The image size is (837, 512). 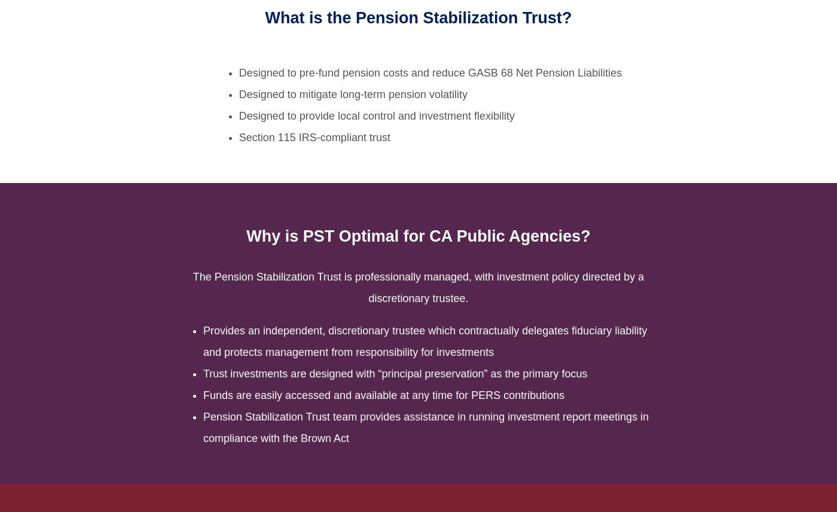 I want to click on 'Designed to mitigate long-term pension volatility', so click(x=353, y=93).